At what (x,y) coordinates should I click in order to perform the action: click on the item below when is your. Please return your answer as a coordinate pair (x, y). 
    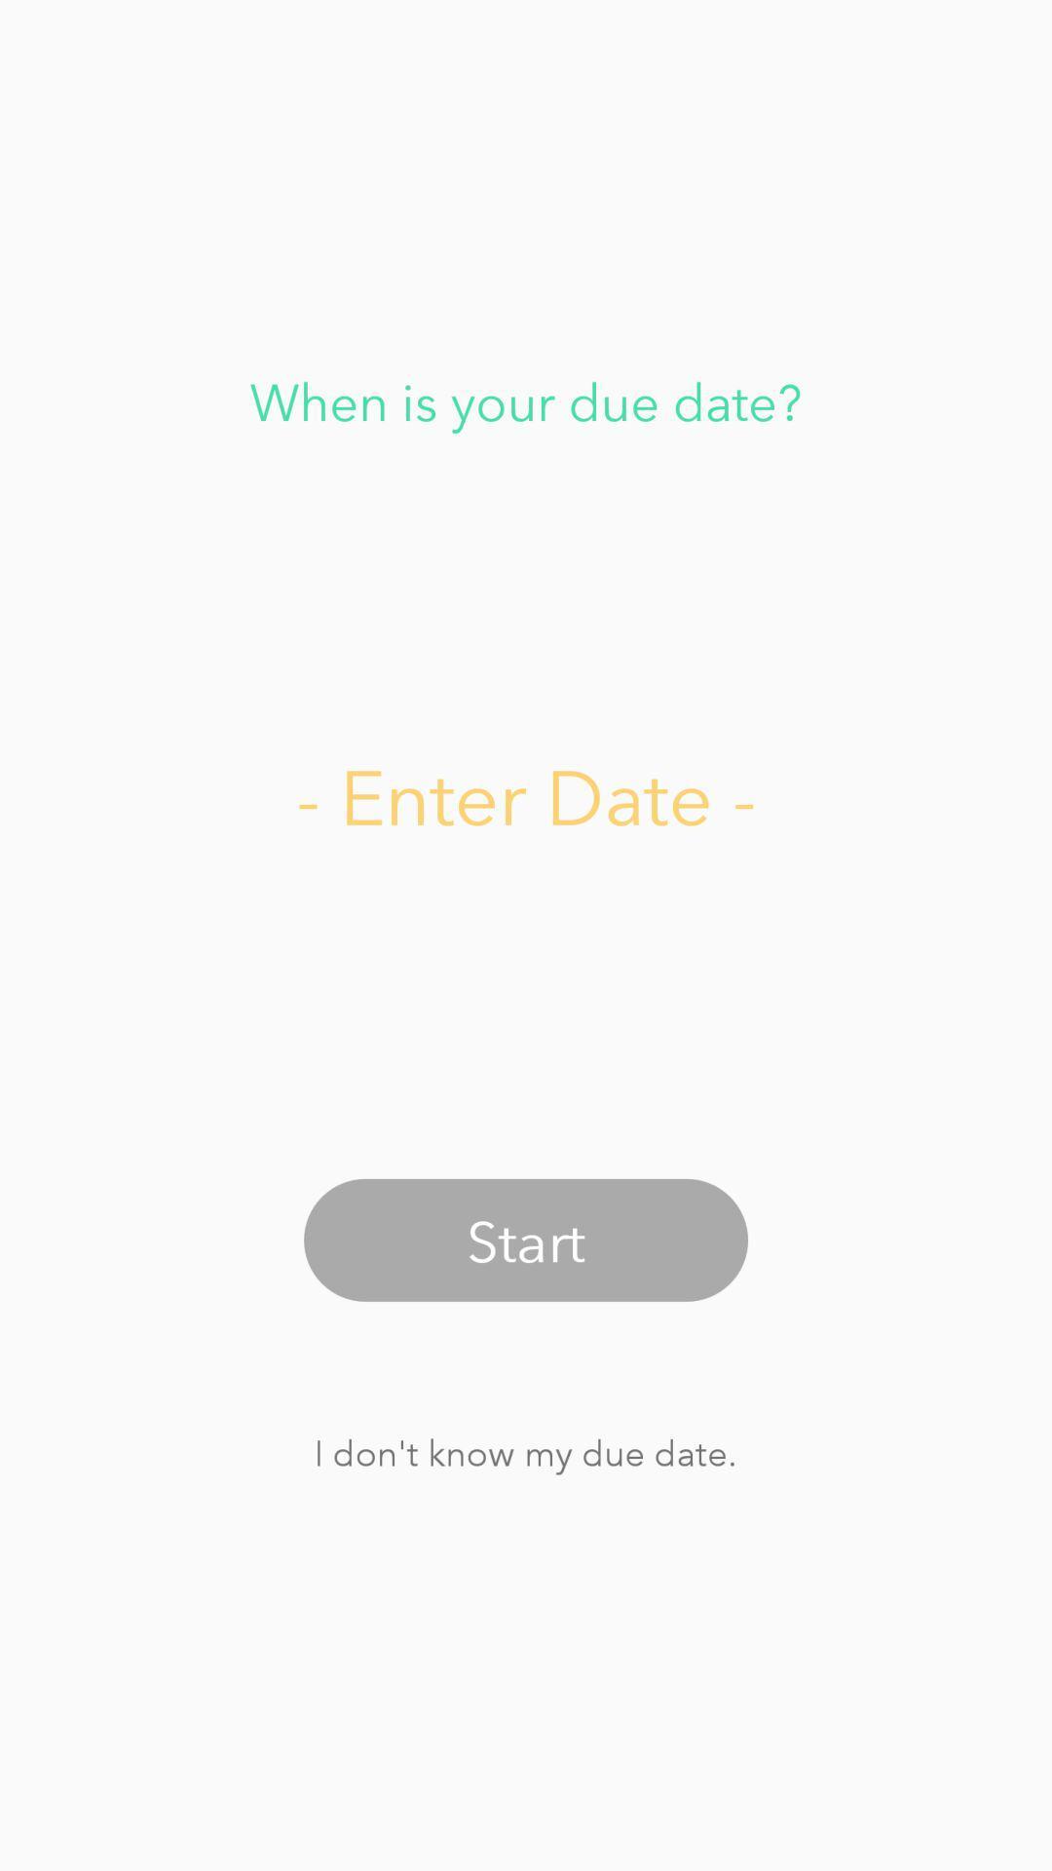
    Looking at the image, I should click on (526, 795).